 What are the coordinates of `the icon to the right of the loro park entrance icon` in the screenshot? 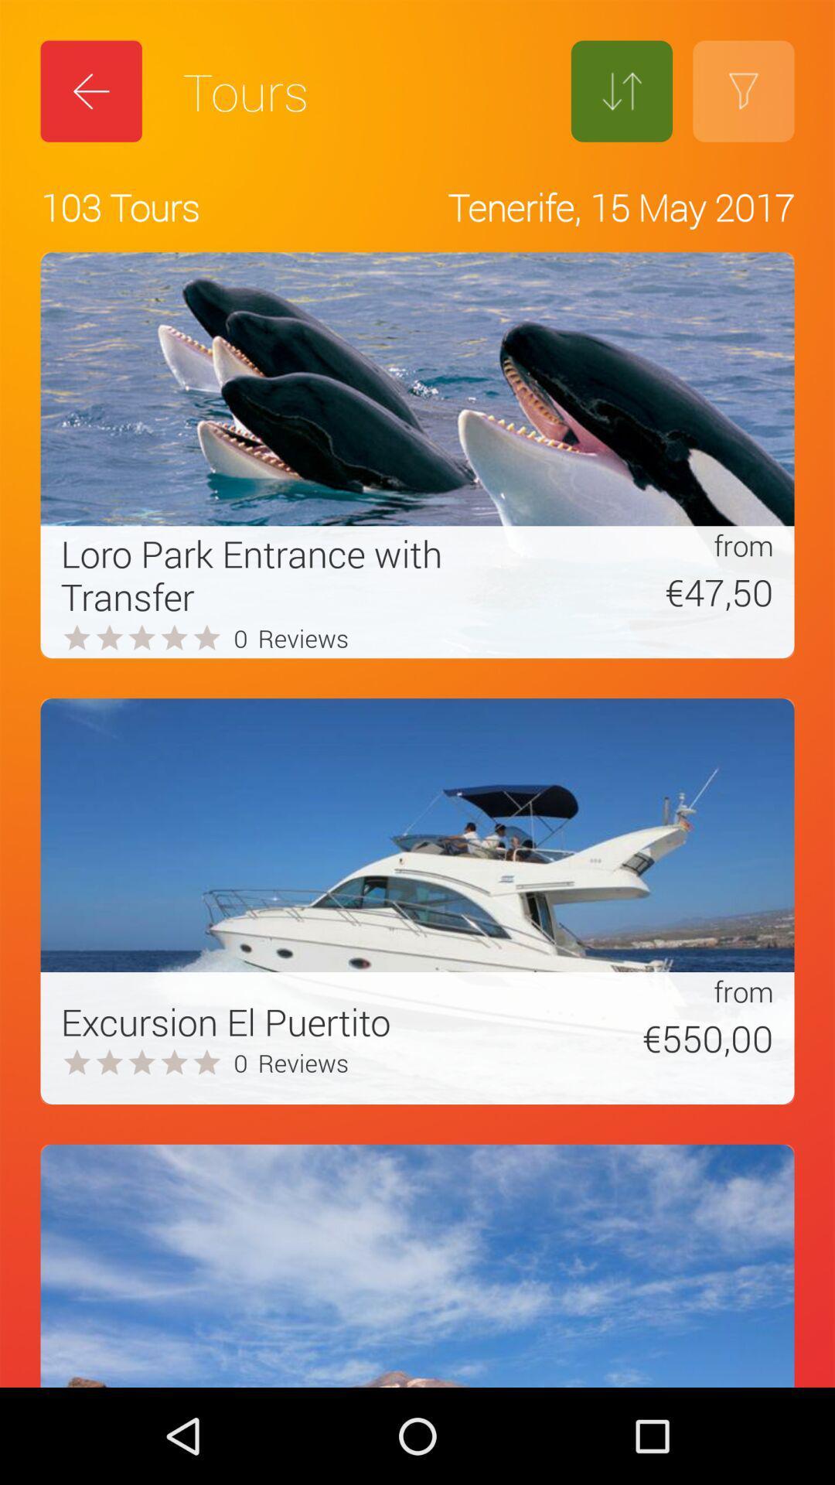 It's located at (645, 591).